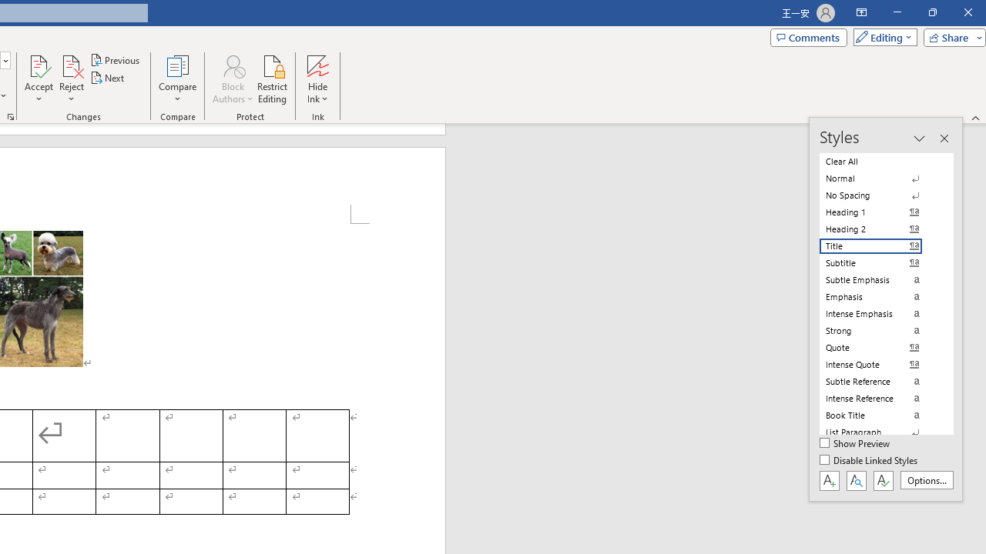 Image resolution: width=986 pixels, height=554 pixels. I want to click on 'Reject', so click(70, 79).